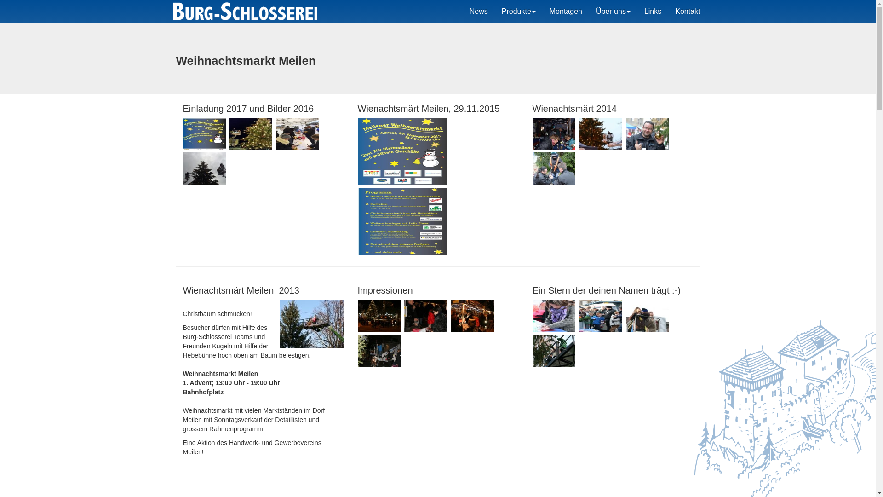 The image size is (883, 497). What do you see at coordinates (565, 11) in the screenshot?
I see `'Montagen'` at bounding box center [565, 11].